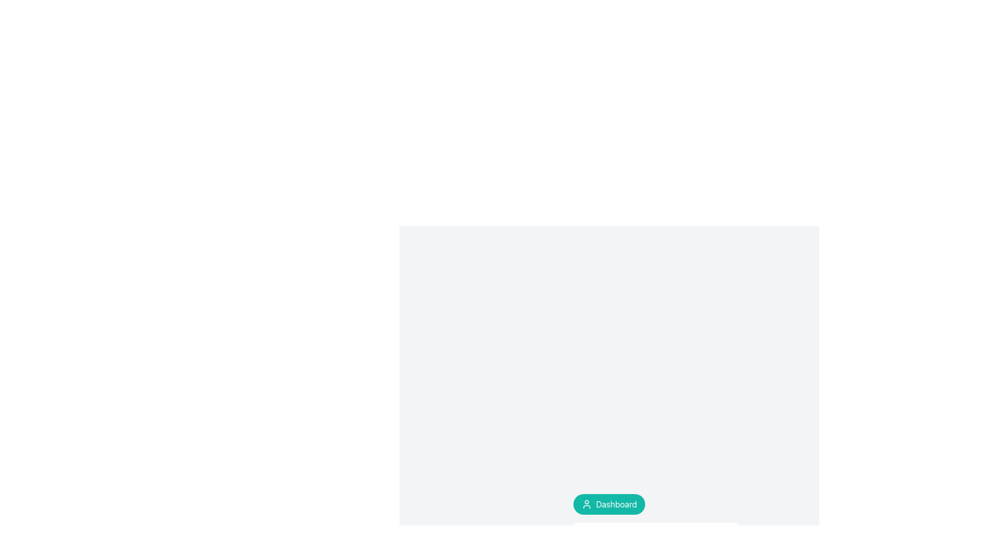  What do you see at coordinates (609, 504) in the screenshot?
I see `the teal 'Dashboard' button with rounded corners and a user silhouette icon` at bounding box center [609, 504].